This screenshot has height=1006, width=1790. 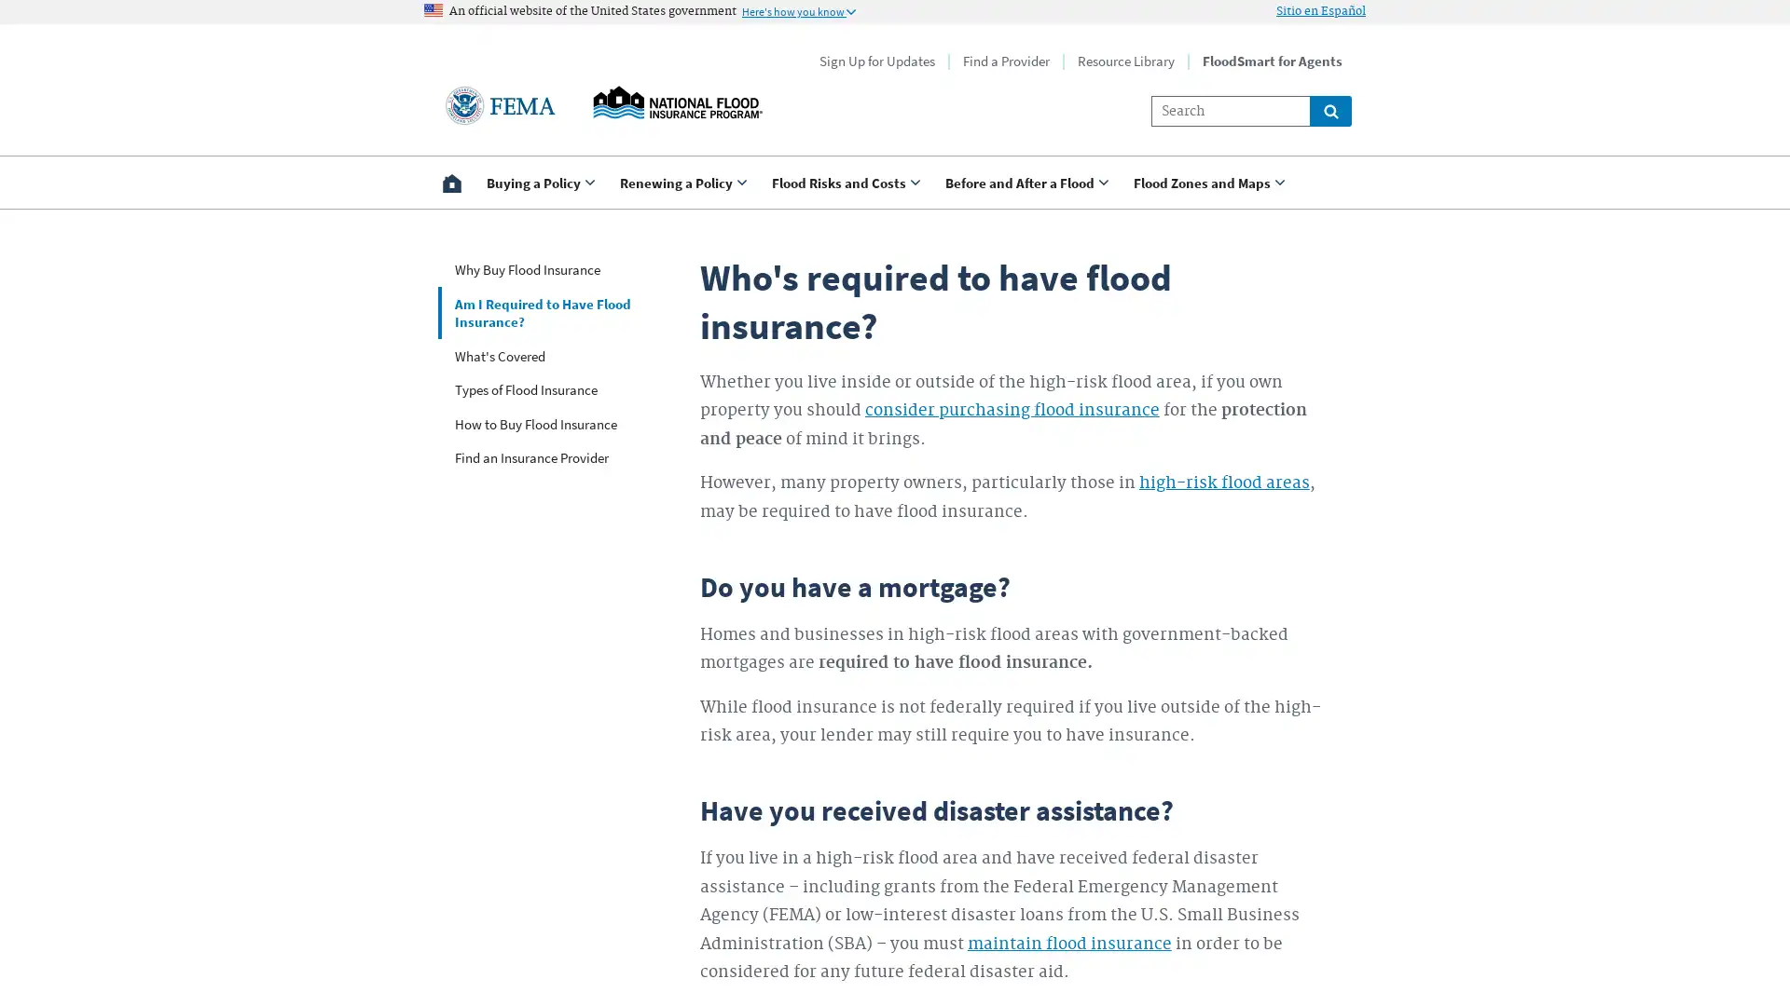 What do you see at coordinates (1028, 182) in the screenshot?
I see `Use <enter> and shift + <enter> to open and close the drop down to sub-menus` at bounding box center [1028, 182].